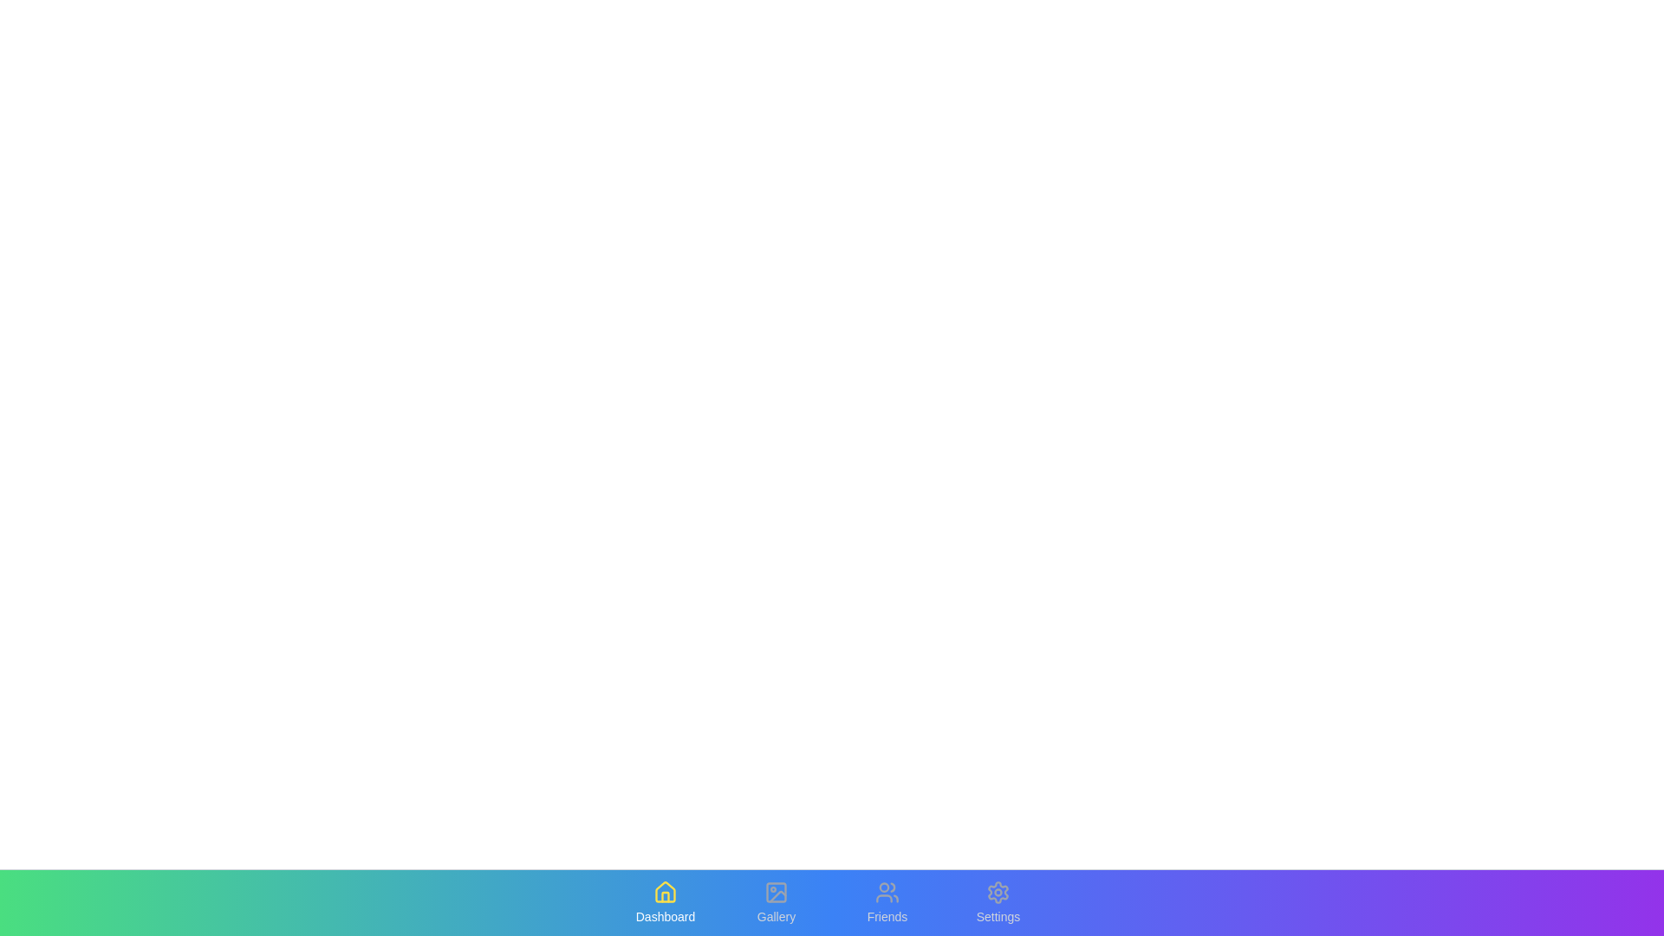  I want to click on the Friends tab to observe the hover effect, so click(887, 901).